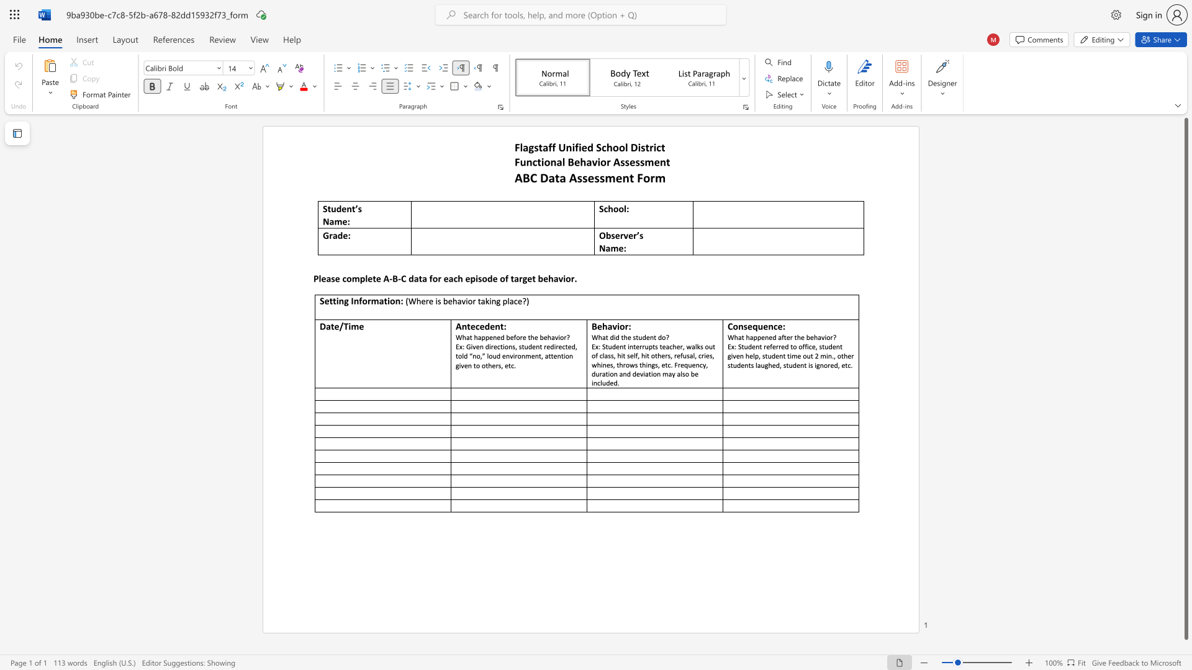 Image resolution: width=1192 pixels, height=670 pixels. Describe the element at coordinates (602, 146) in the screenshot. I see `the subset text "chool Dist" within the text "Flagstaff Unified School District"` at that location.